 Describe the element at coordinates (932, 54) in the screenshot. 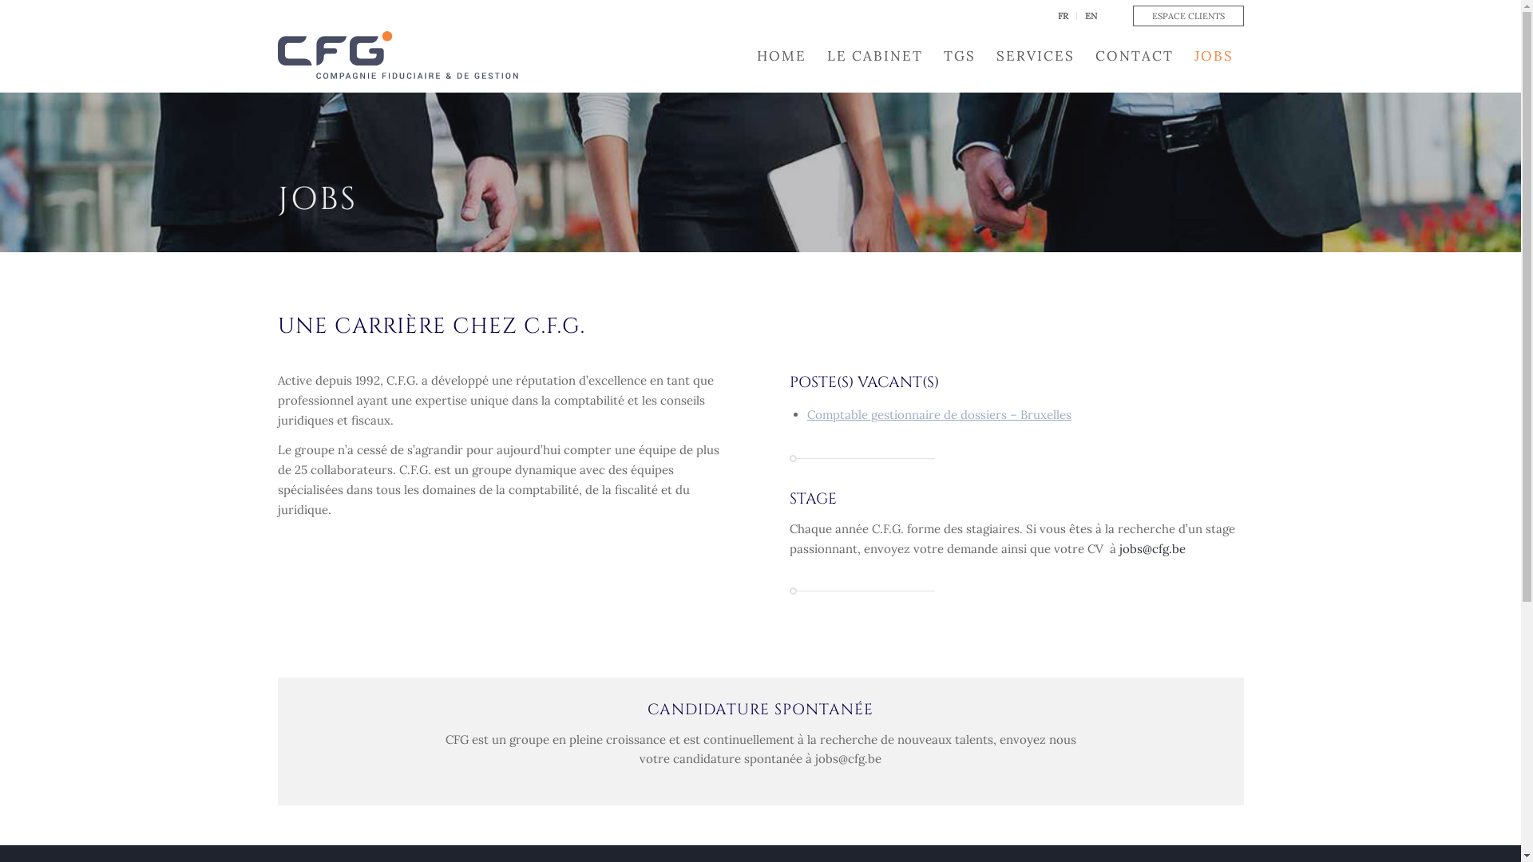

I see `'TGS'` at that location.